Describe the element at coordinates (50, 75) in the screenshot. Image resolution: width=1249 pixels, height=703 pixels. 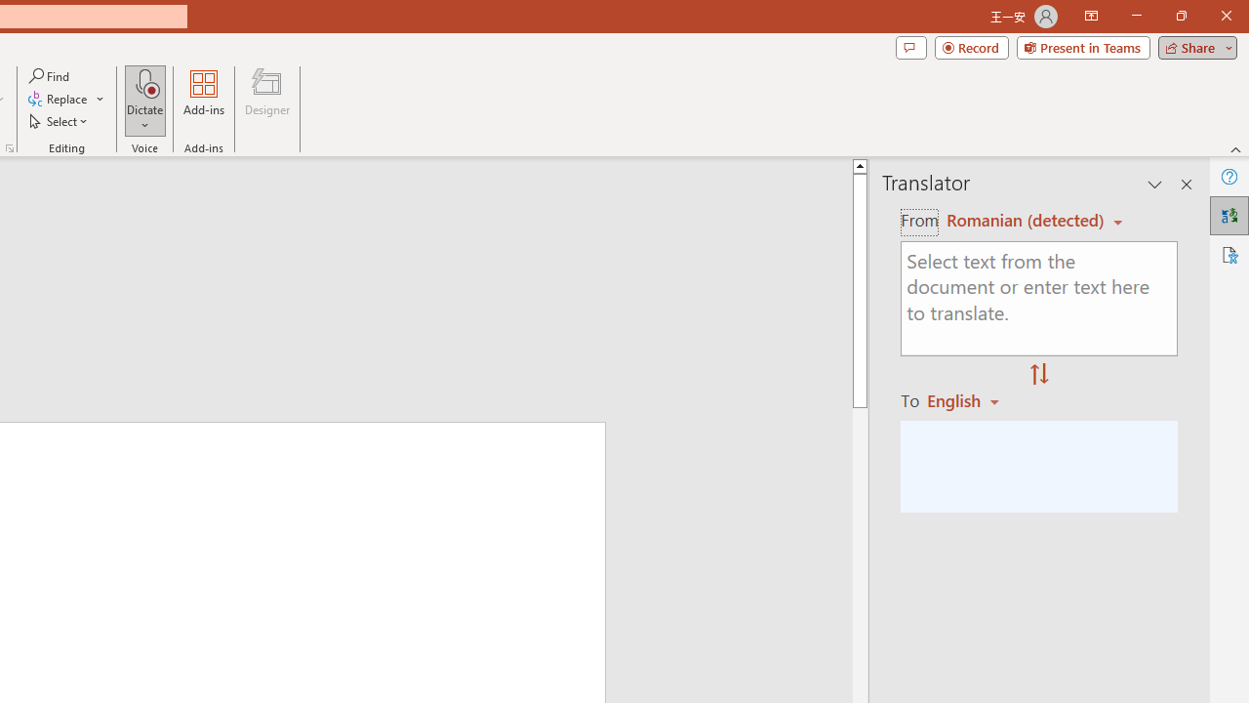
I see `'Find...'` at that location.